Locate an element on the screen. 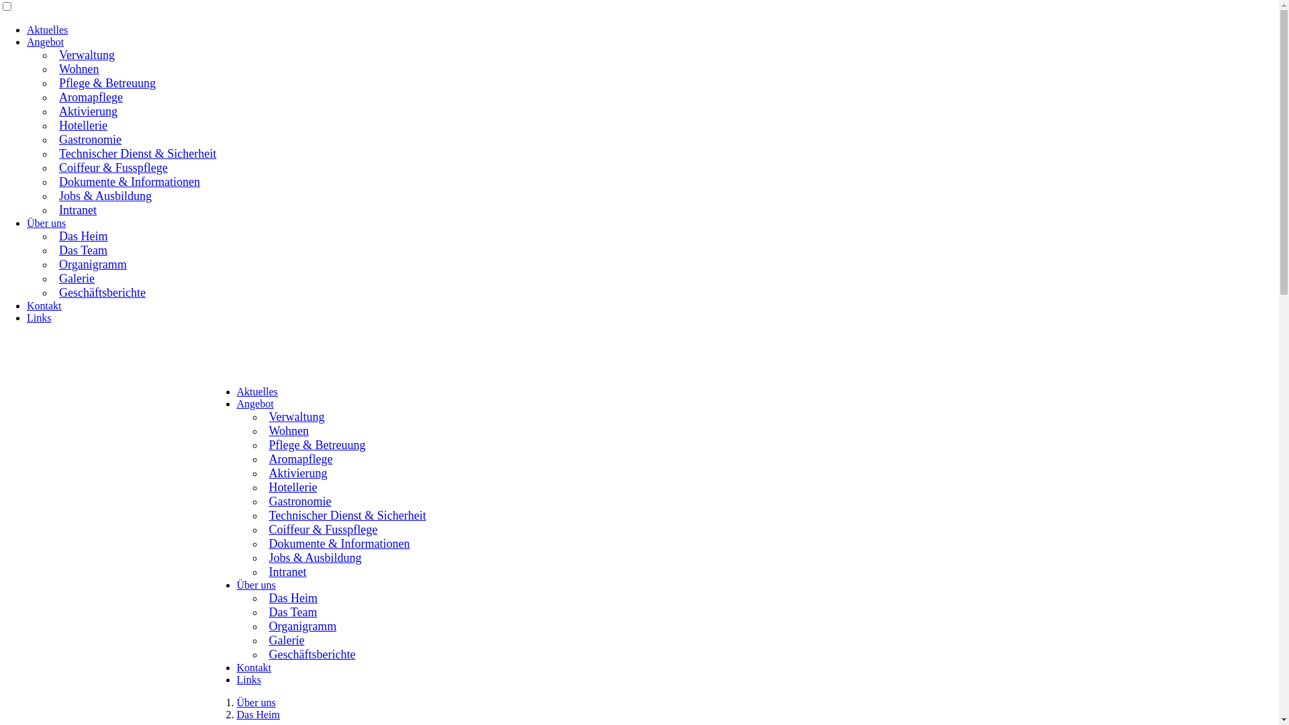  'Aktivierung' is located at coordinates (54, 109).